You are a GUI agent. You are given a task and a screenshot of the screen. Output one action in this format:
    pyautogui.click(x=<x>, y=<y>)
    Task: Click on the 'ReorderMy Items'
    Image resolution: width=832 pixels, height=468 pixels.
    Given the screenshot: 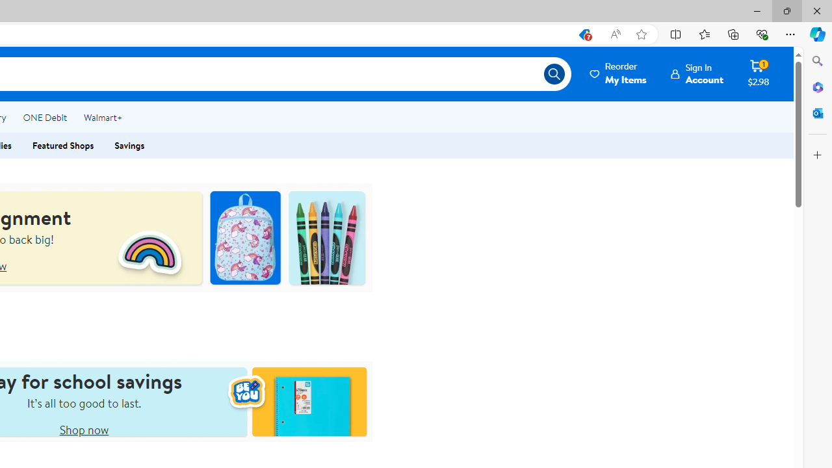 What is the action you would take?
    pyautogui.click(x=618, y=73)
    